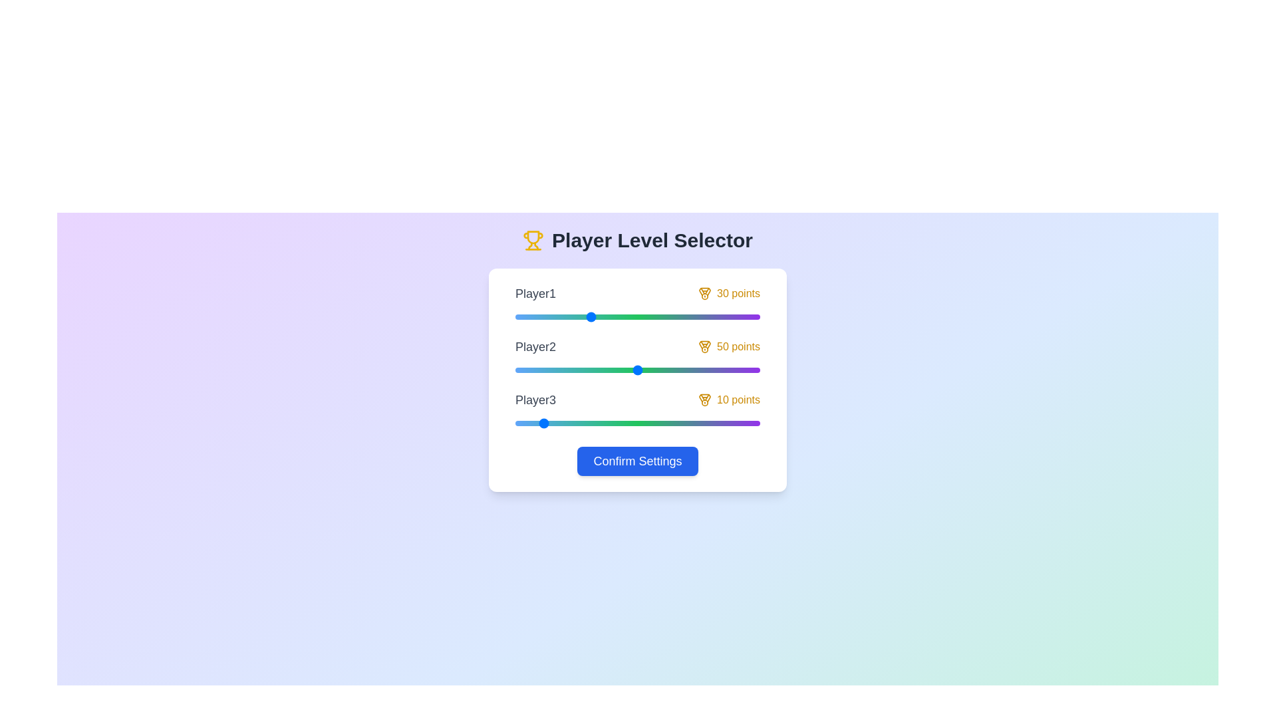 This screenshot has width=1277, height=718. I want to click on the Player2 slider to set their level to 17, so click(557, 370).